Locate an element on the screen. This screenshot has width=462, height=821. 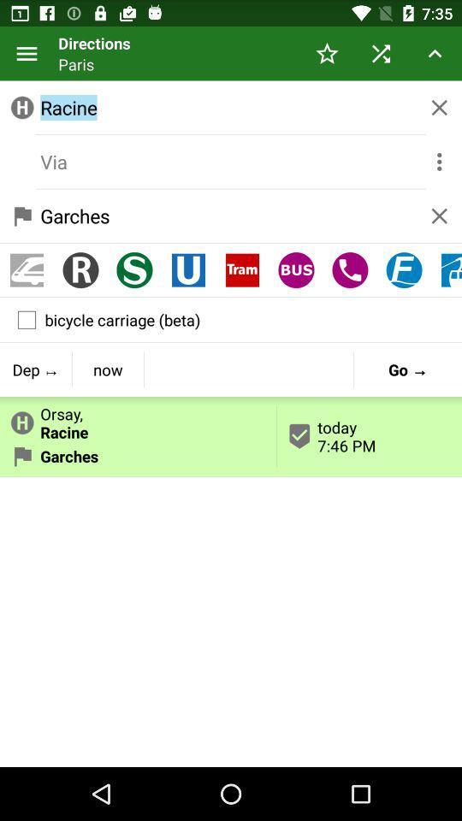
the call icon is located at coordinates (349, 289).